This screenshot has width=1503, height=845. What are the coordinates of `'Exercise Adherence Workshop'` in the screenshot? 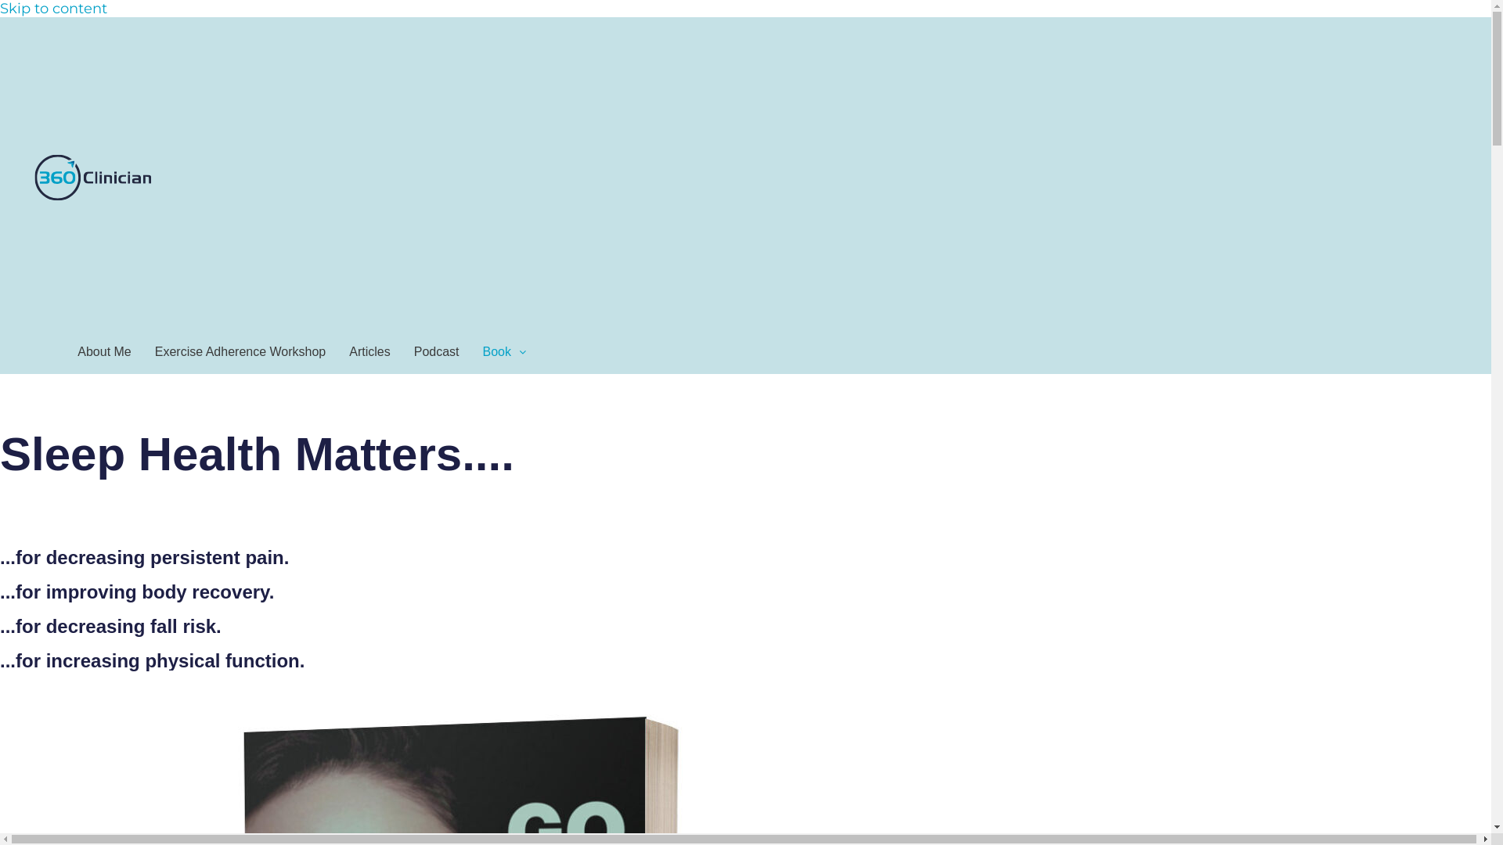 It's located at (240, 352).